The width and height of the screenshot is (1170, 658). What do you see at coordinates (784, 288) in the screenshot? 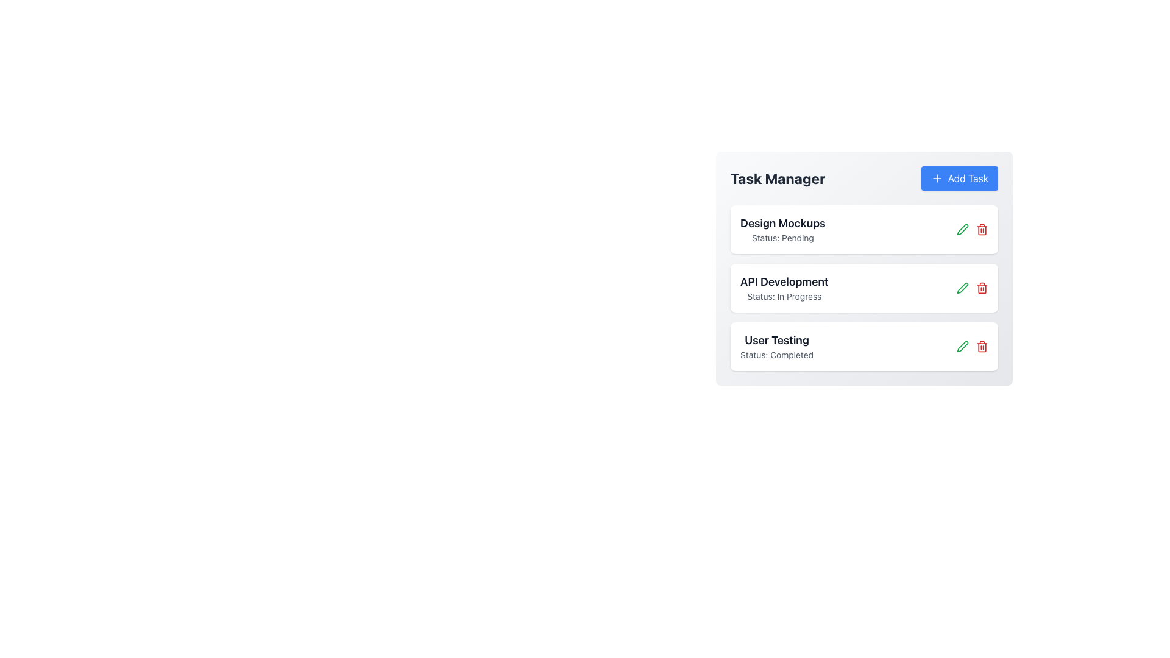
I see `the text label that displays 'API Development' in bold and 'Status: In Progress' in a smaller greyed font, located in the second task card under the 'Task Manager' section` at bounding box center [784, 288].